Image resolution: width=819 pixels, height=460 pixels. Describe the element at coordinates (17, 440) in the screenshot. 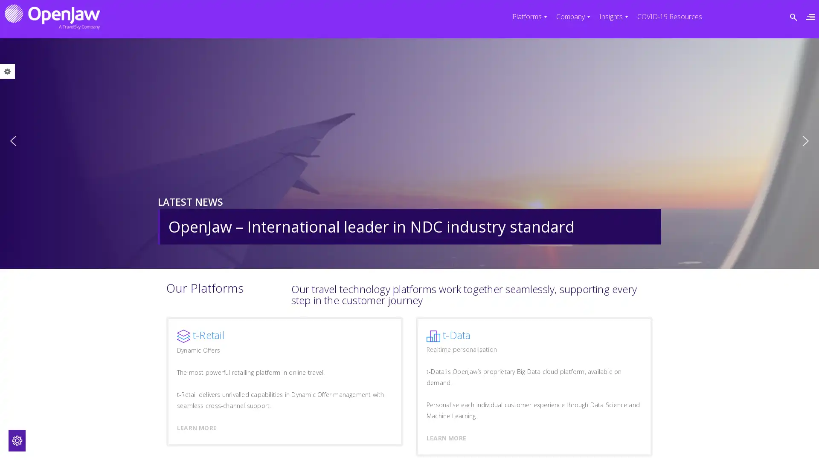

I see `Change cookie settings` at that location.